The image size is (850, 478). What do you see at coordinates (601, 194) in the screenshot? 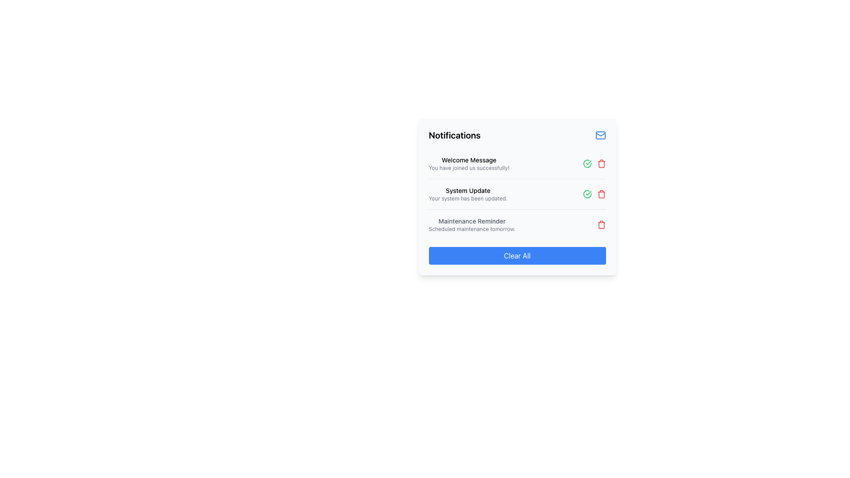
I see `the trash bin icon SVG element located adjacent to the 'System Update' notification entry` at bounding box center [601, 194].